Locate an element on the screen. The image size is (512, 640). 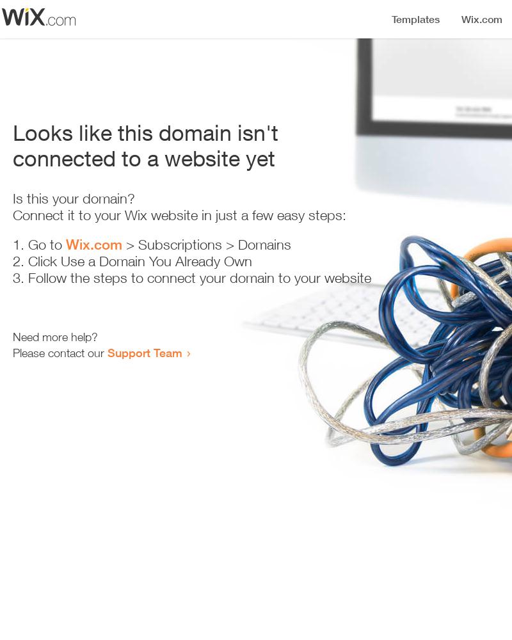
'> Subscriptions > Domains' is located at coordinates (205, 244).